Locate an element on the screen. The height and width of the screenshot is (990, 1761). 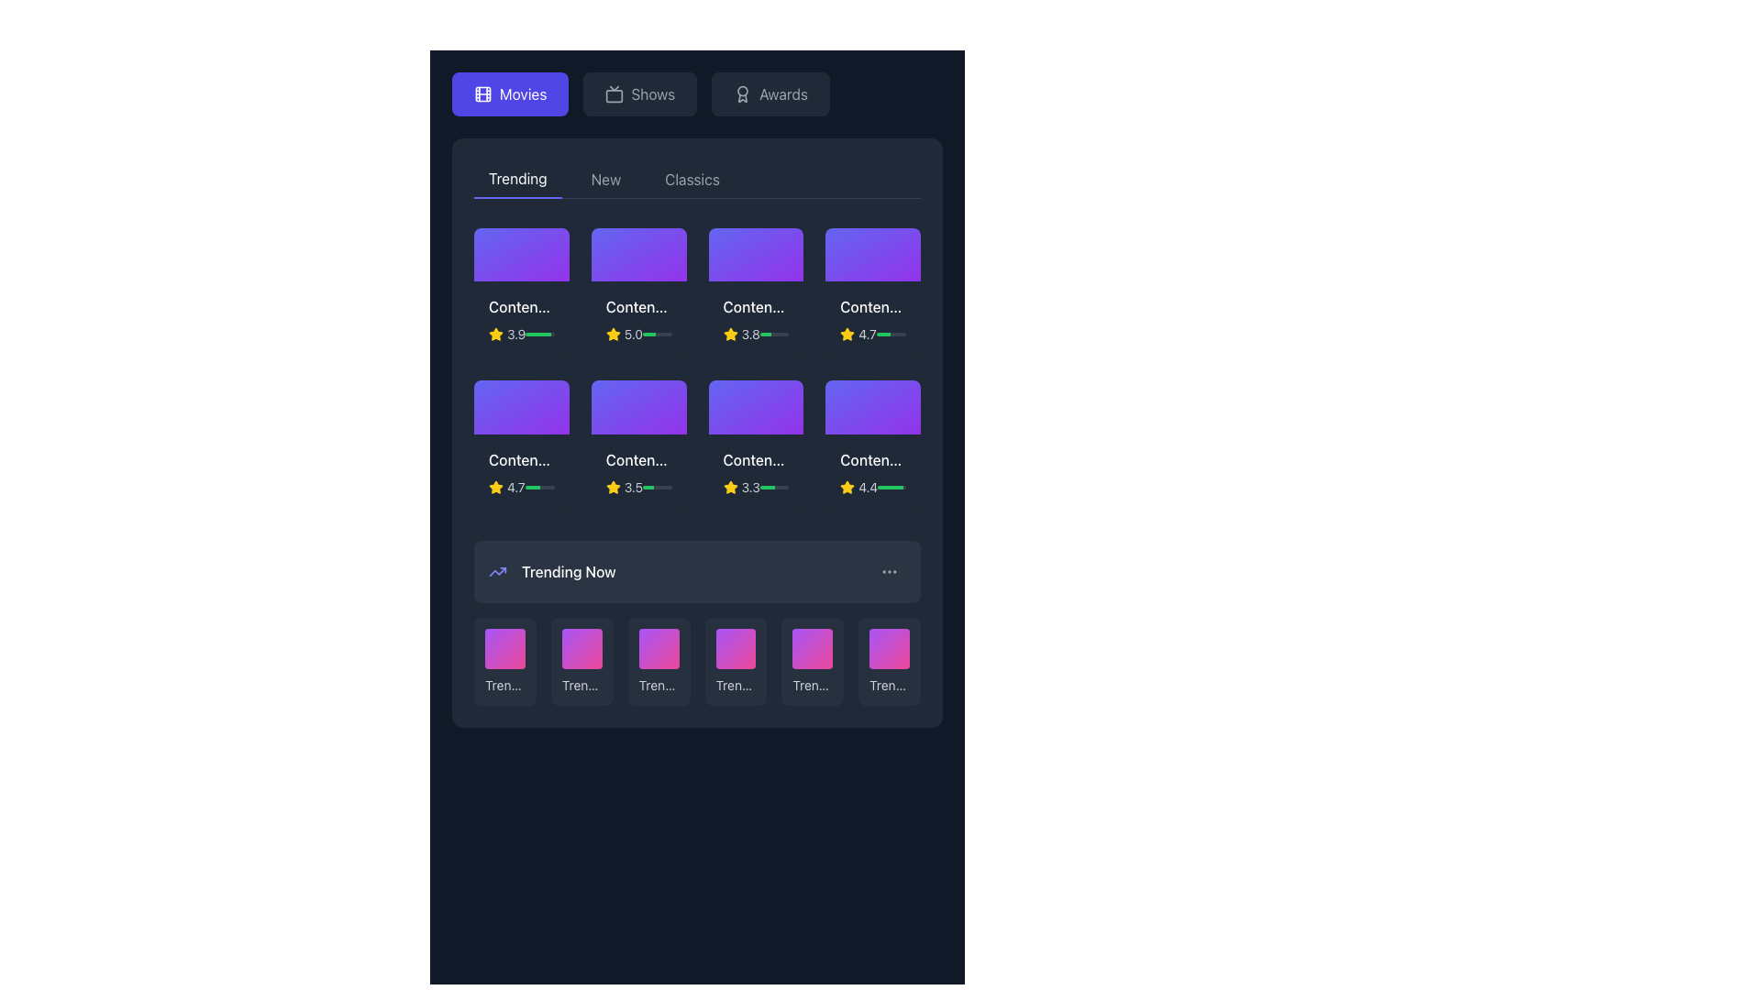
the play button located in the second row, first column of the 'Trending' section is located at coordinates (520, 406).